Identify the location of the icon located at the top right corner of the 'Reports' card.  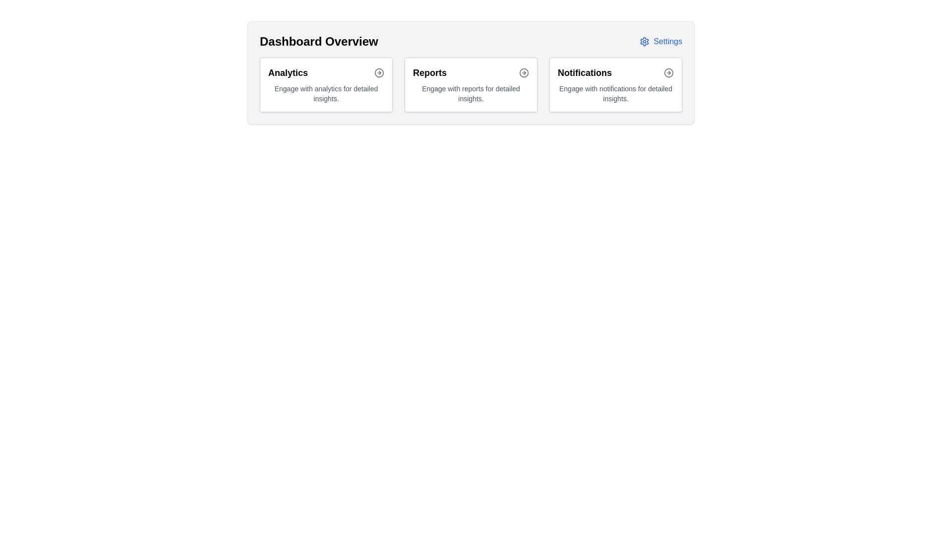
(523, 72).